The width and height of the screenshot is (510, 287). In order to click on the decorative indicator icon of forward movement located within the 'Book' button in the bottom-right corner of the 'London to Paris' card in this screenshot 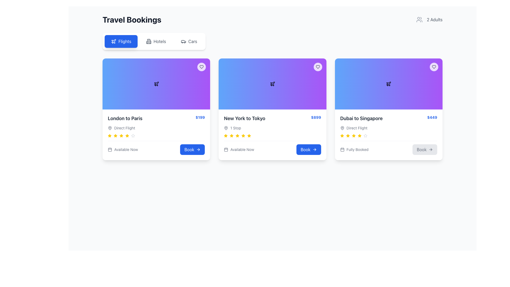, I will do `click(199, 150)`.